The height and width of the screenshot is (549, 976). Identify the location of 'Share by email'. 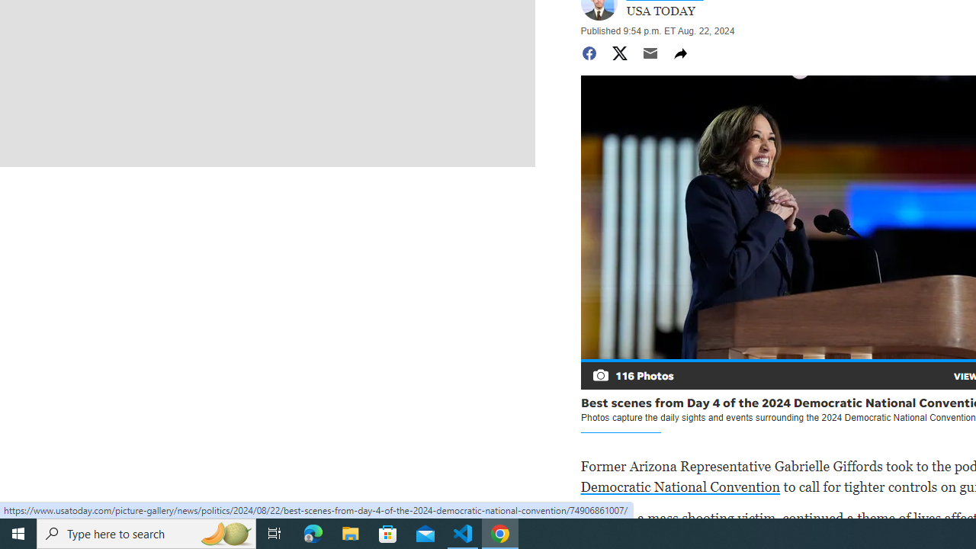
(650, 52).